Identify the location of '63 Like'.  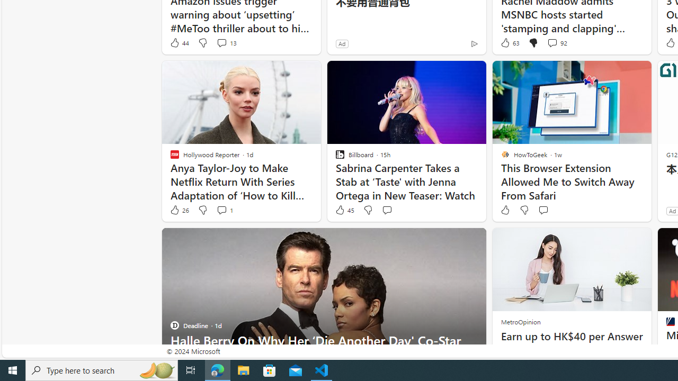
(509, 42).